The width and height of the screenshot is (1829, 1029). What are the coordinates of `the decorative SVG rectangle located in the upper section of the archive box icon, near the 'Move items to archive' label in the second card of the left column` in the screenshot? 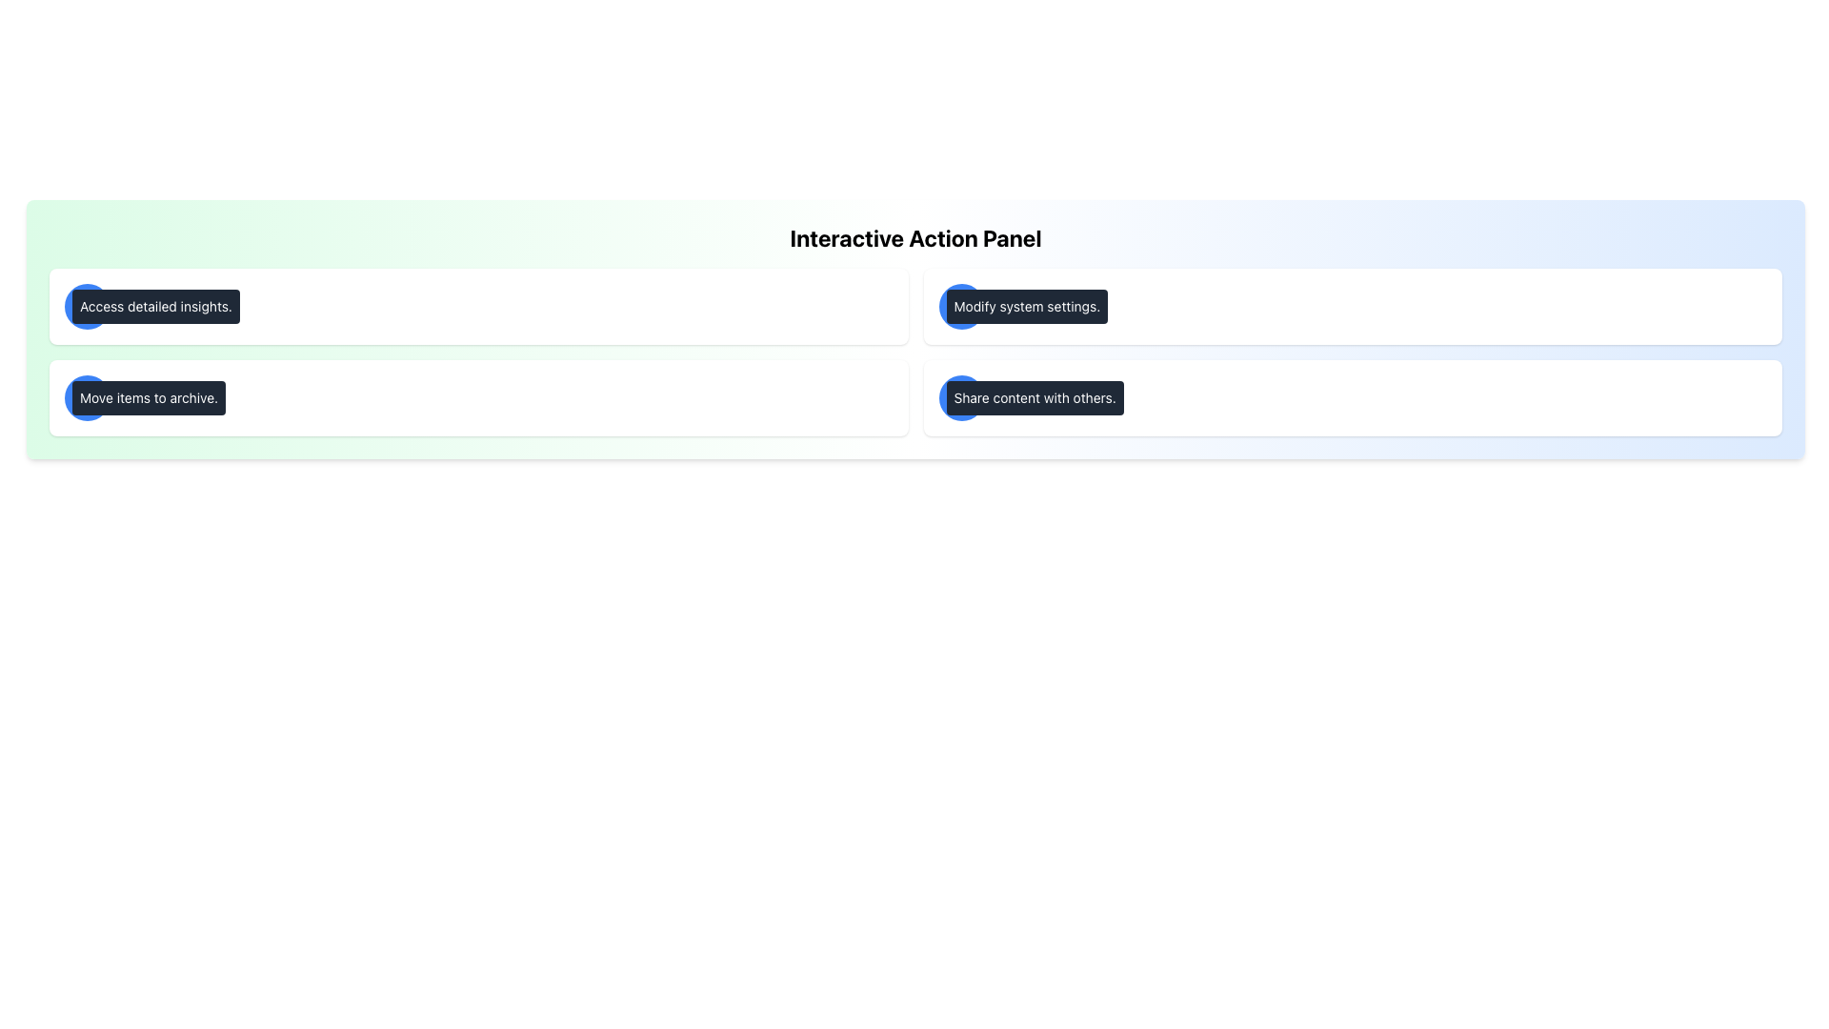 It's located at (86, 391).